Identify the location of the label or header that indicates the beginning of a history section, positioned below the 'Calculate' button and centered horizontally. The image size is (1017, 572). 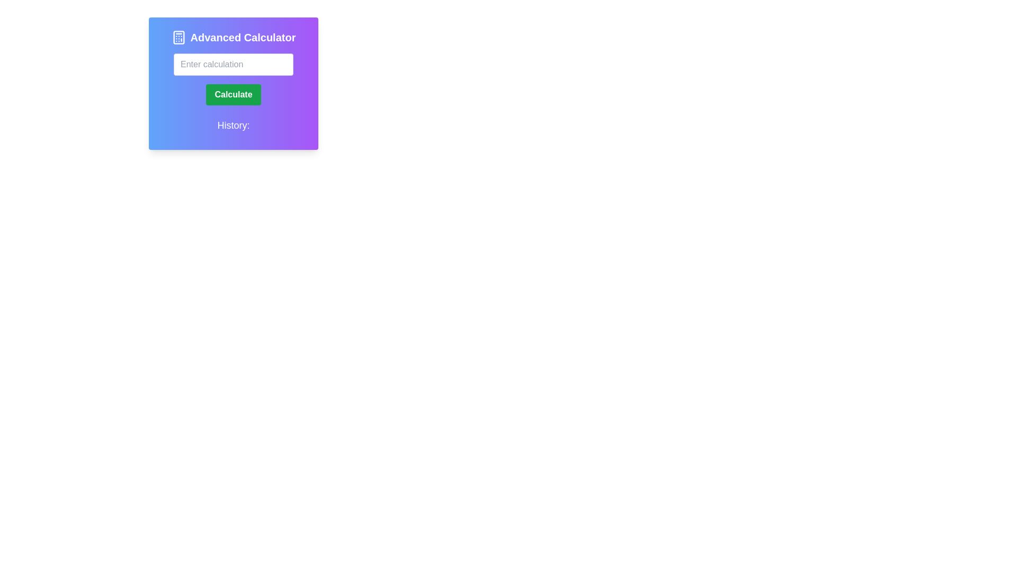
(233, 127).